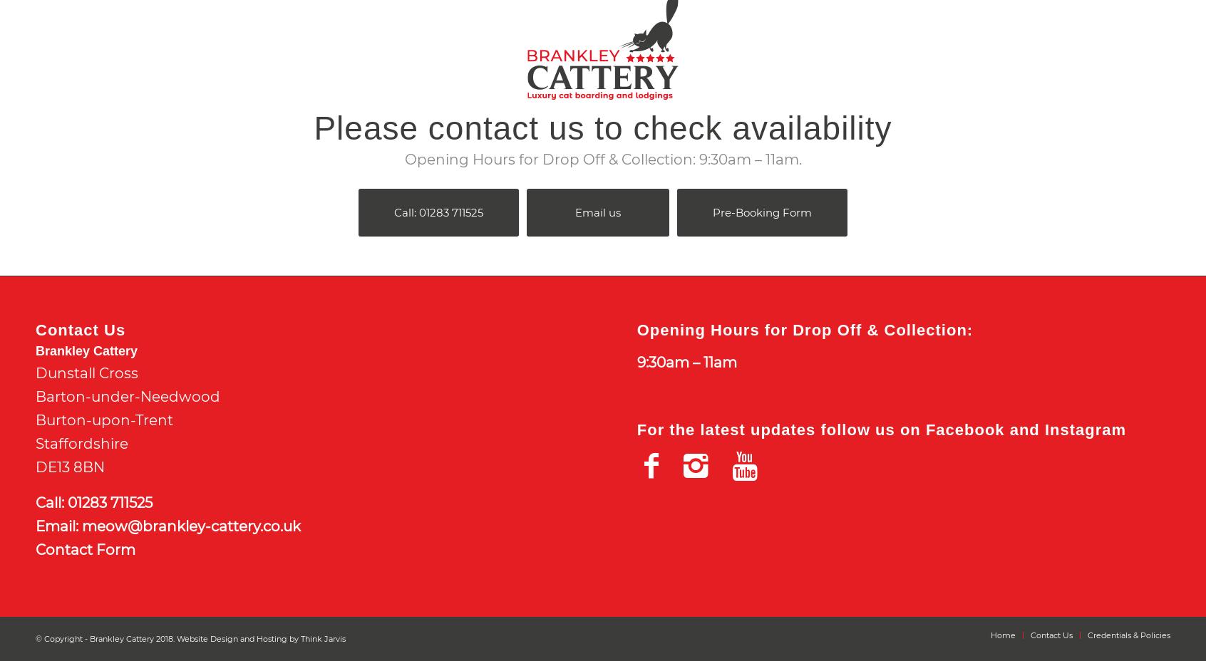 The width and height of the screenshot is (1206, 661). I want to click on 'Opening Hours for Drop Off & Collection: 9:30am – 11am.', so click(403, 160).